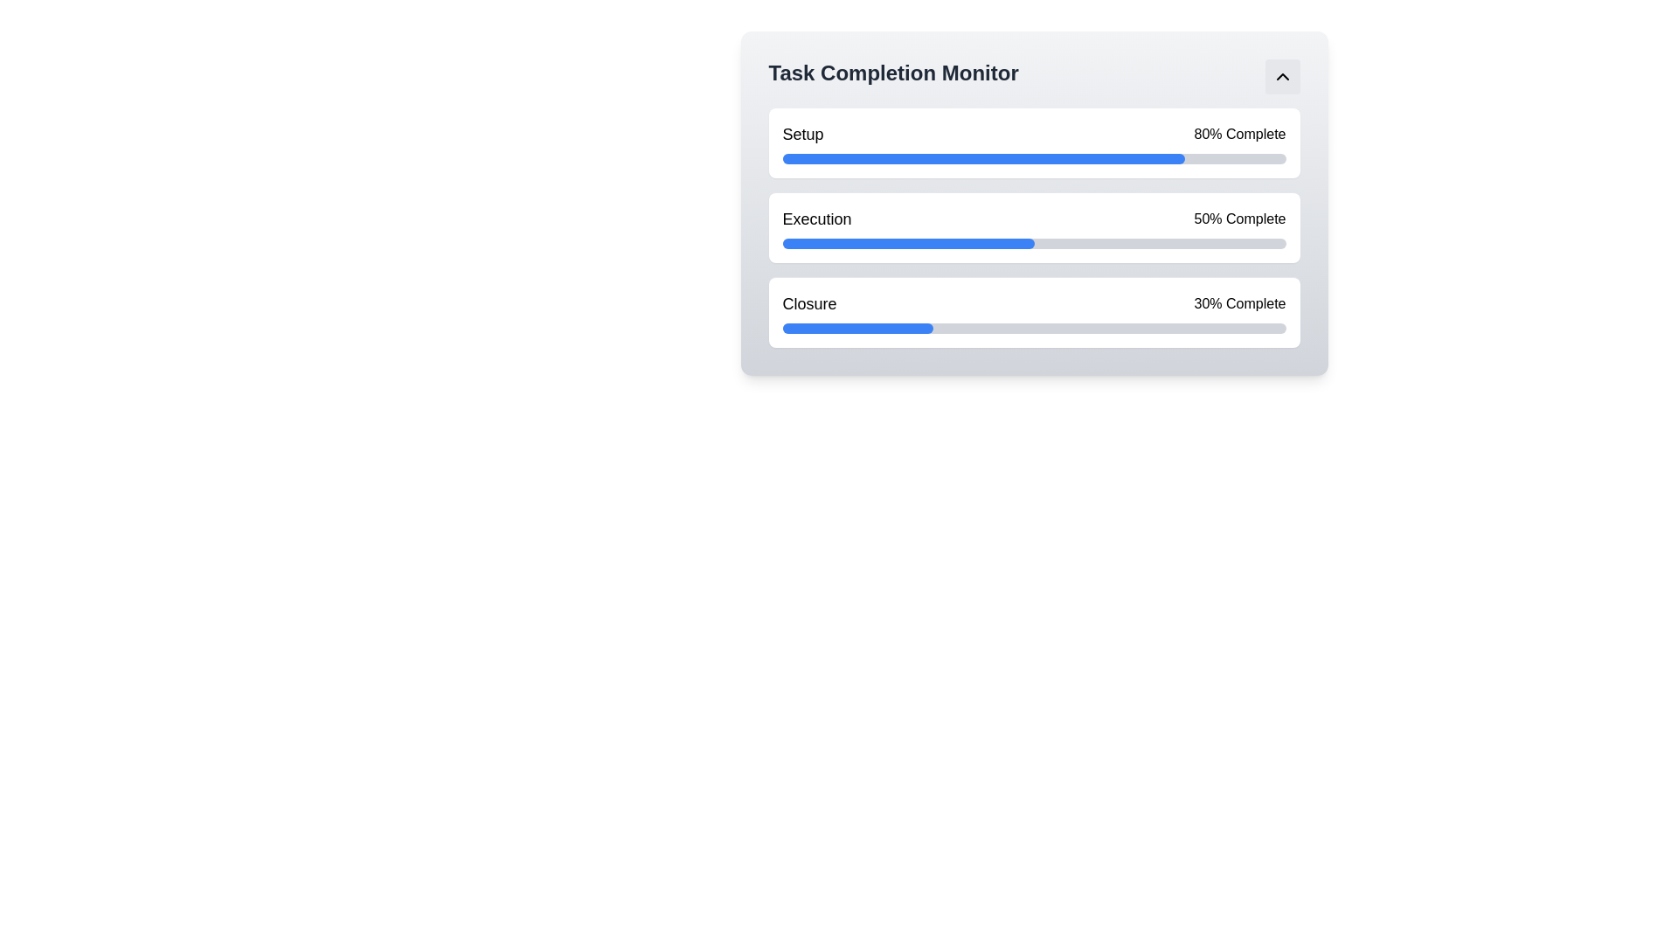  What do you see at coordinates (1239, 218) in the screenshot?
I see `the '50% Complete' text label, which is displayed in bold black font and located to the right of the associated progress bar in the task progress monitor interface` at bounding box center [1239, 218].